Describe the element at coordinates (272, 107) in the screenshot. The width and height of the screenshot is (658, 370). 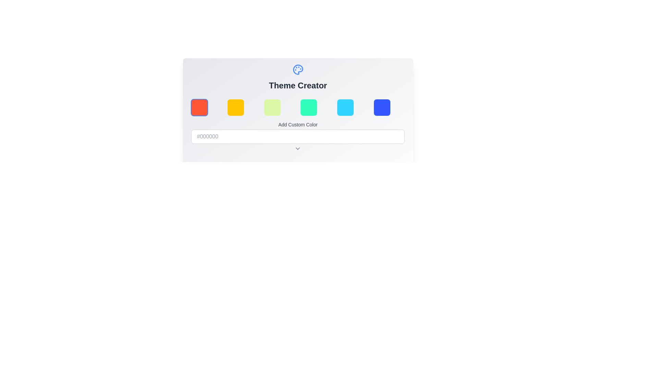
I see `the color selection button located as the third square in a grid layout under the 'Theme Creator' heading` at that location.